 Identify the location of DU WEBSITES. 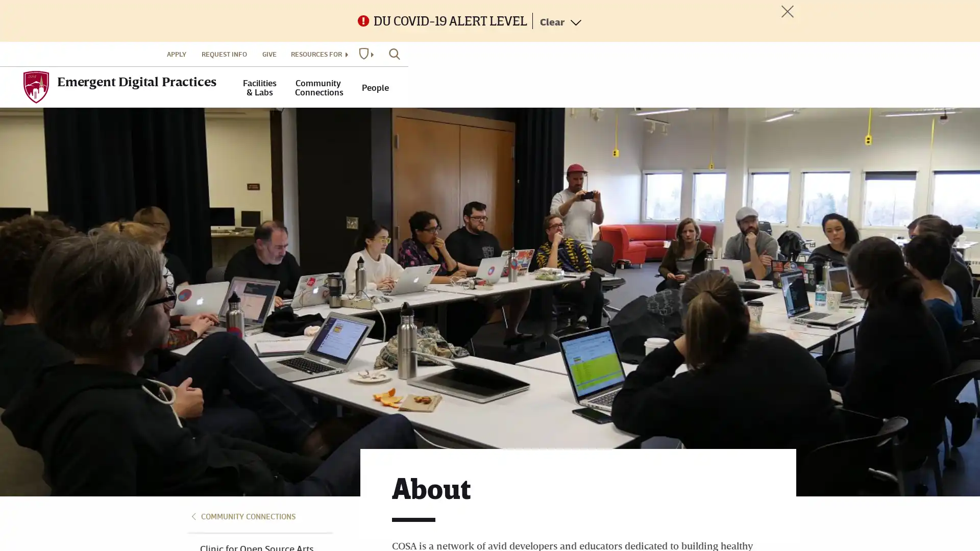
(754, 54).